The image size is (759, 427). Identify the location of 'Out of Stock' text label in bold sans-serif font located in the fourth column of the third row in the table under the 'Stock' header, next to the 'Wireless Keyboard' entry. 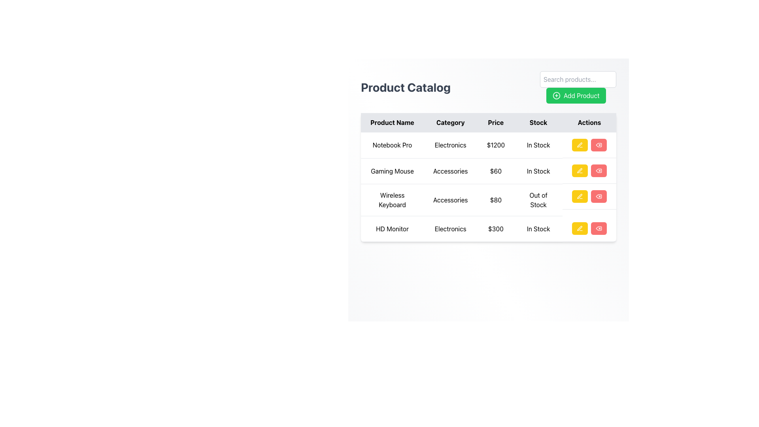
(538, 199).